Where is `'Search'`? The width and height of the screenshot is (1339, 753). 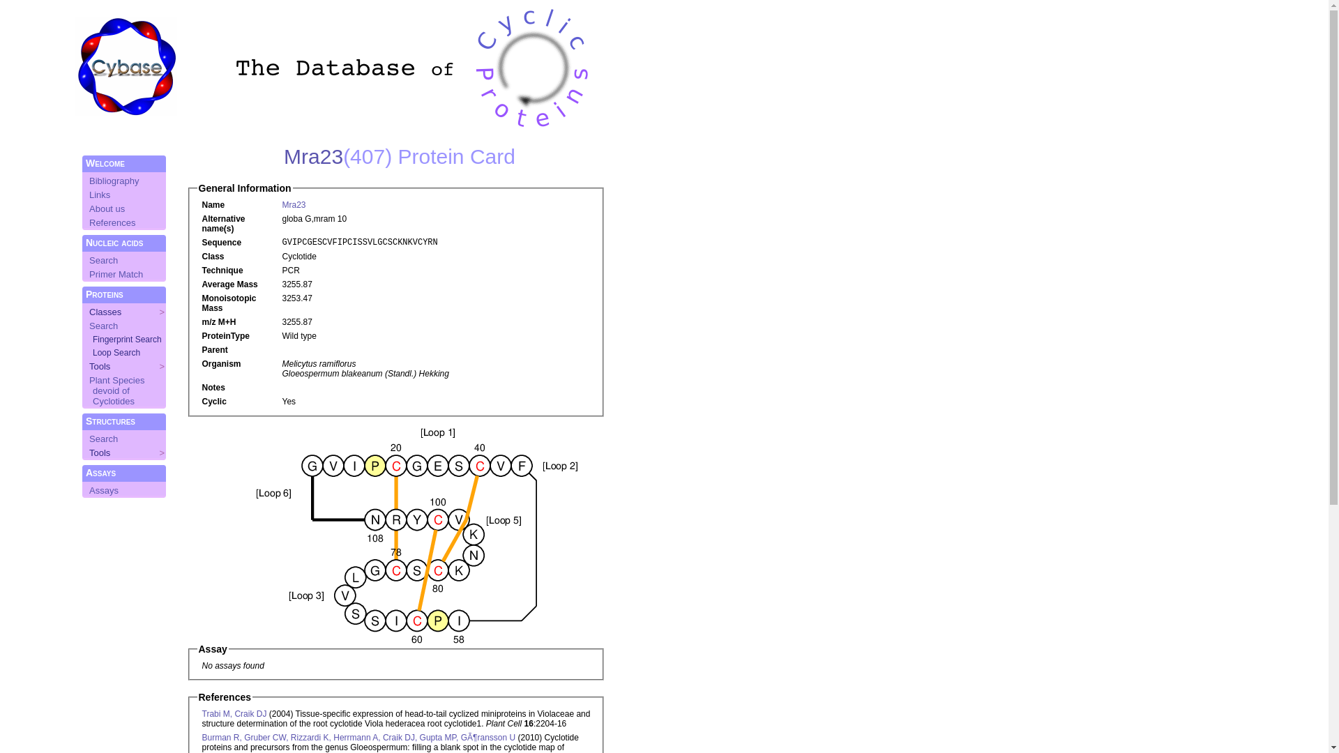
'Search' is located at coordinates (103, 260).